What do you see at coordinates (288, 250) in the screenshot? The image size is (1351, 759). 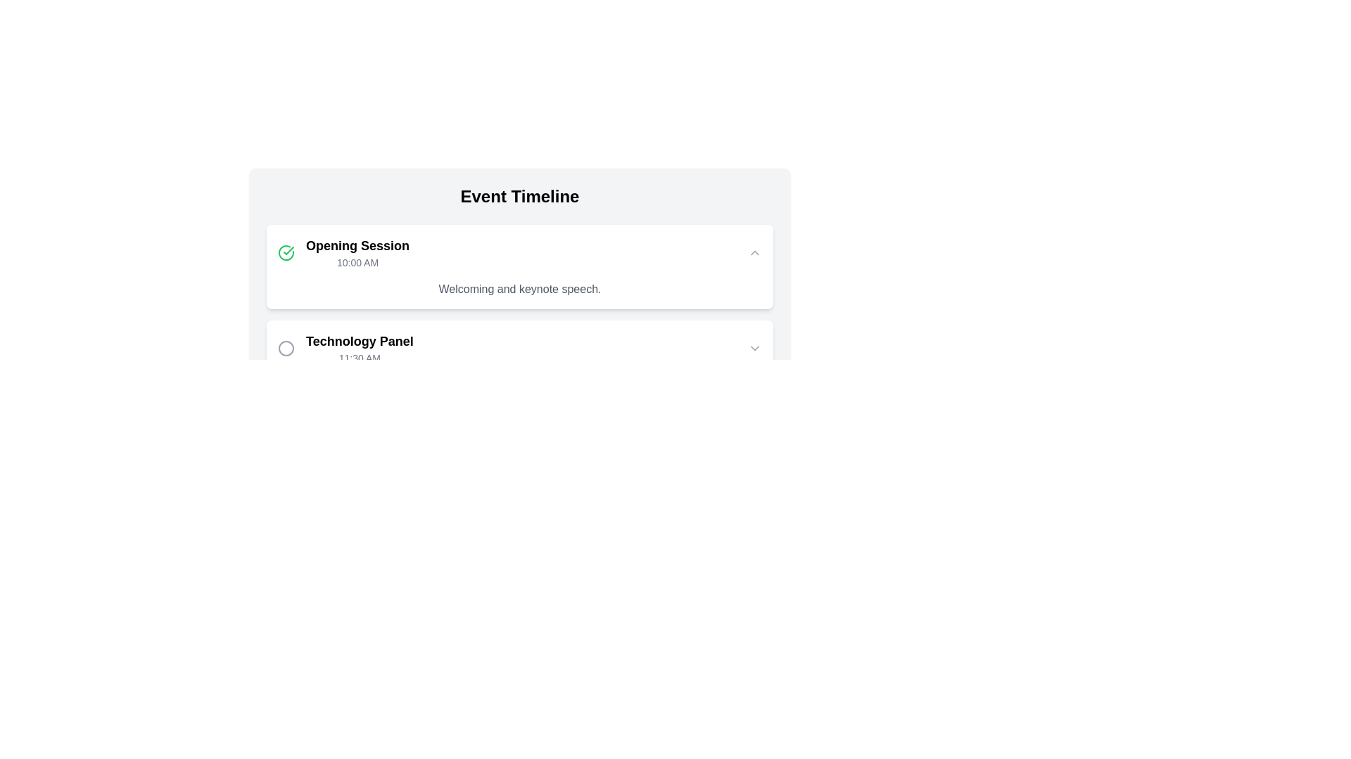 I see `the check mark icon located within the 'Opening Session' card in the event timeline interface to indicate the associated event as completed or selected` at bounding box center [288, 250].